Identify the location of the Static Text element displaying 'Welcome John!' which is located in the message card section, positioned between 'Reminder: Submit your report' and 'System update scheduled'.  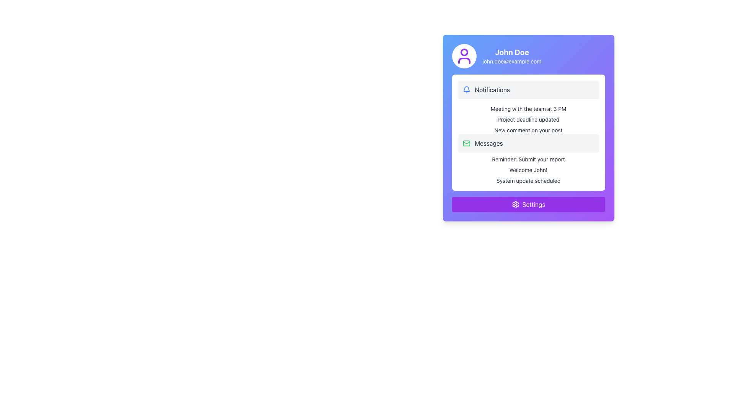
(528, 169).